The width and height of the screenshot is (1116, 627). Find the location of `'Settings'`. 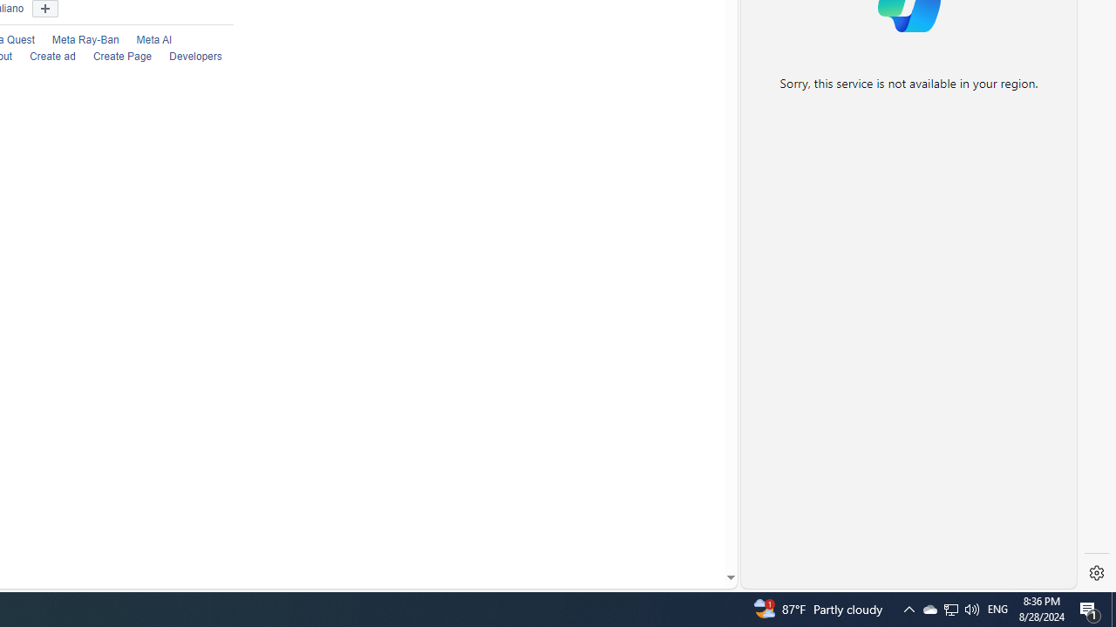

'Settings' is located at coordinates (1096, 573).